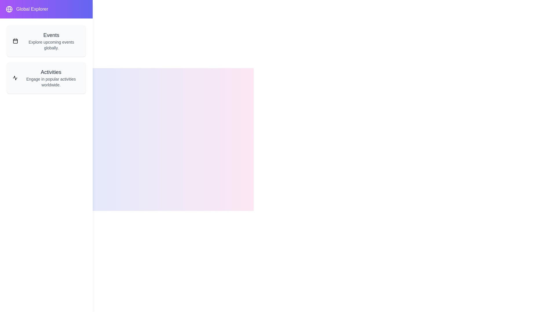 The width and height of the screenshot is (556, 312). I want to click on the 'Activities' item in the drawer, so click(46, 78).